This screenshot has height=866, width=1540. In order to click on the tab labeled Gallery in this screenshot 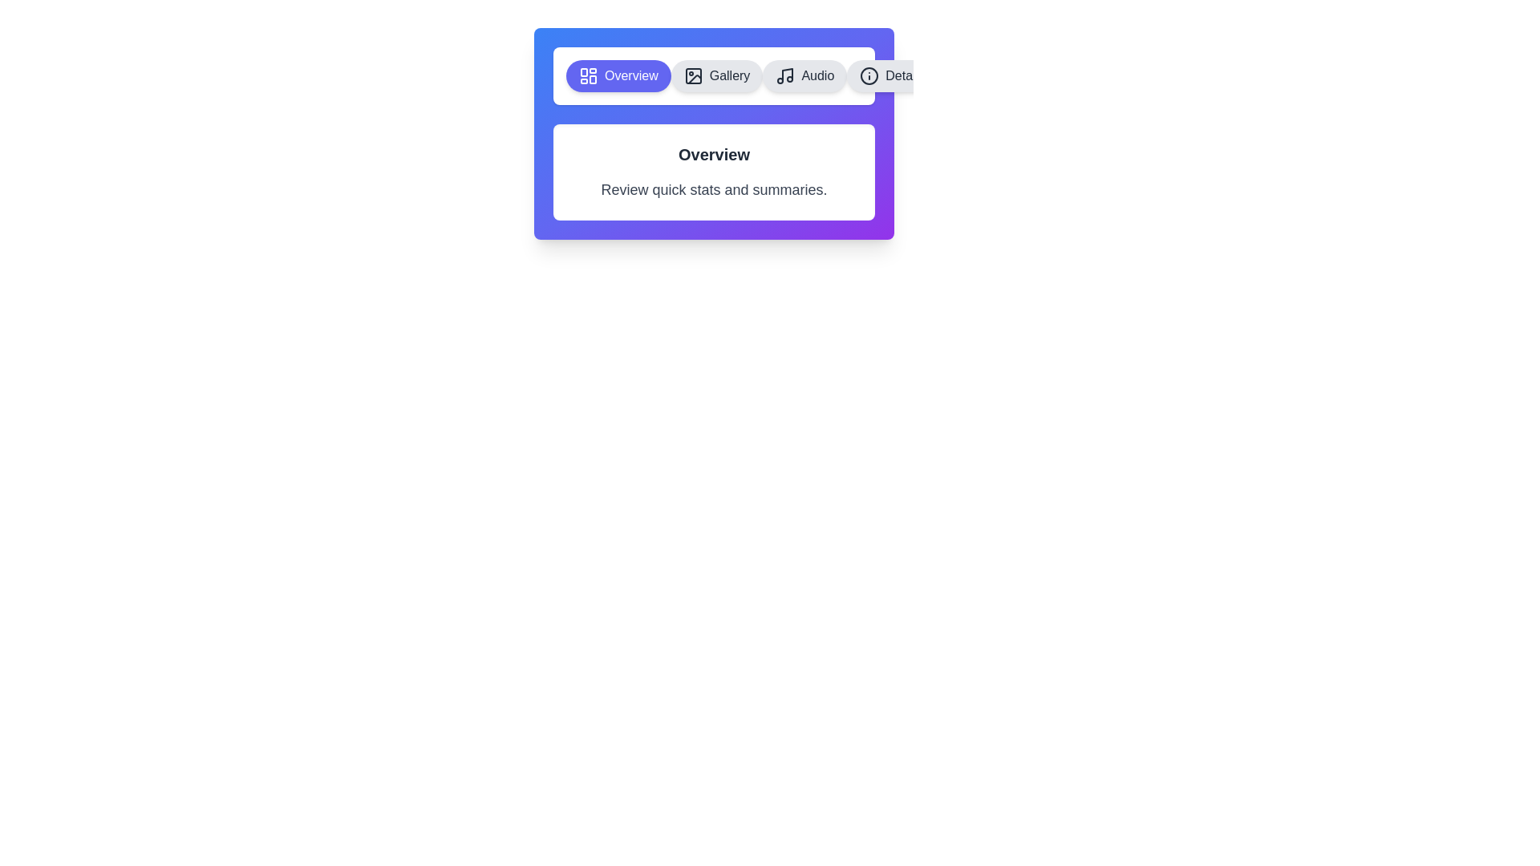, I will do `click(715, 76)`.